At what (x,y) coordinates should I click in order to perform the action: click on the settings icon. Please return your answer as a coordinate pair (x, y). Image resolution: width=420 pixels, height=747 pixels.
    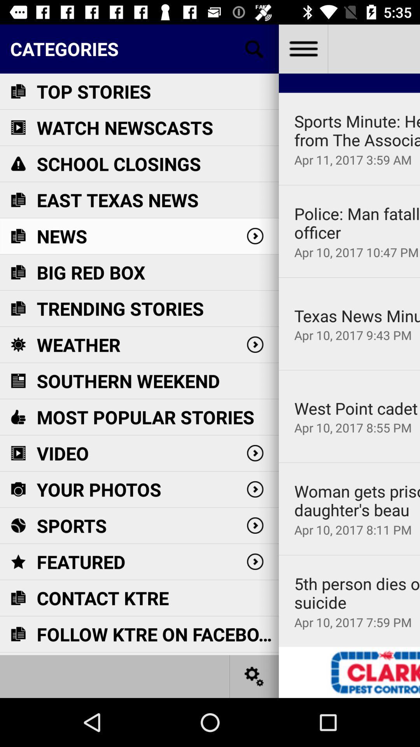
    Looking at the image, I should click on (254, 676).